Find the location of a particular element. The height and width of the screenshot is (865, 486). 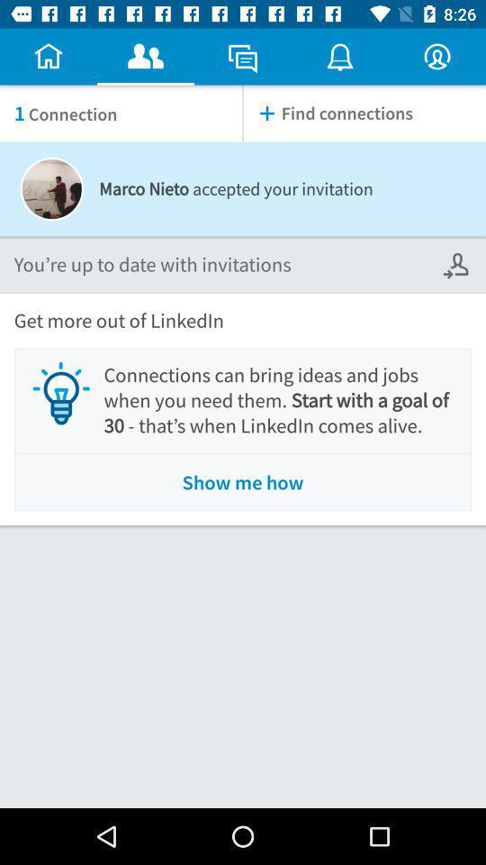

icon next to you re up is located at coordinates (457, 264).